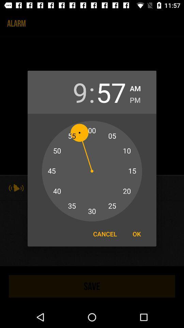 The height and width of the screenshot is (328, 184). Describe the element at coordinates (135, 98) in the screenshot. I see `pm icon` at that location.